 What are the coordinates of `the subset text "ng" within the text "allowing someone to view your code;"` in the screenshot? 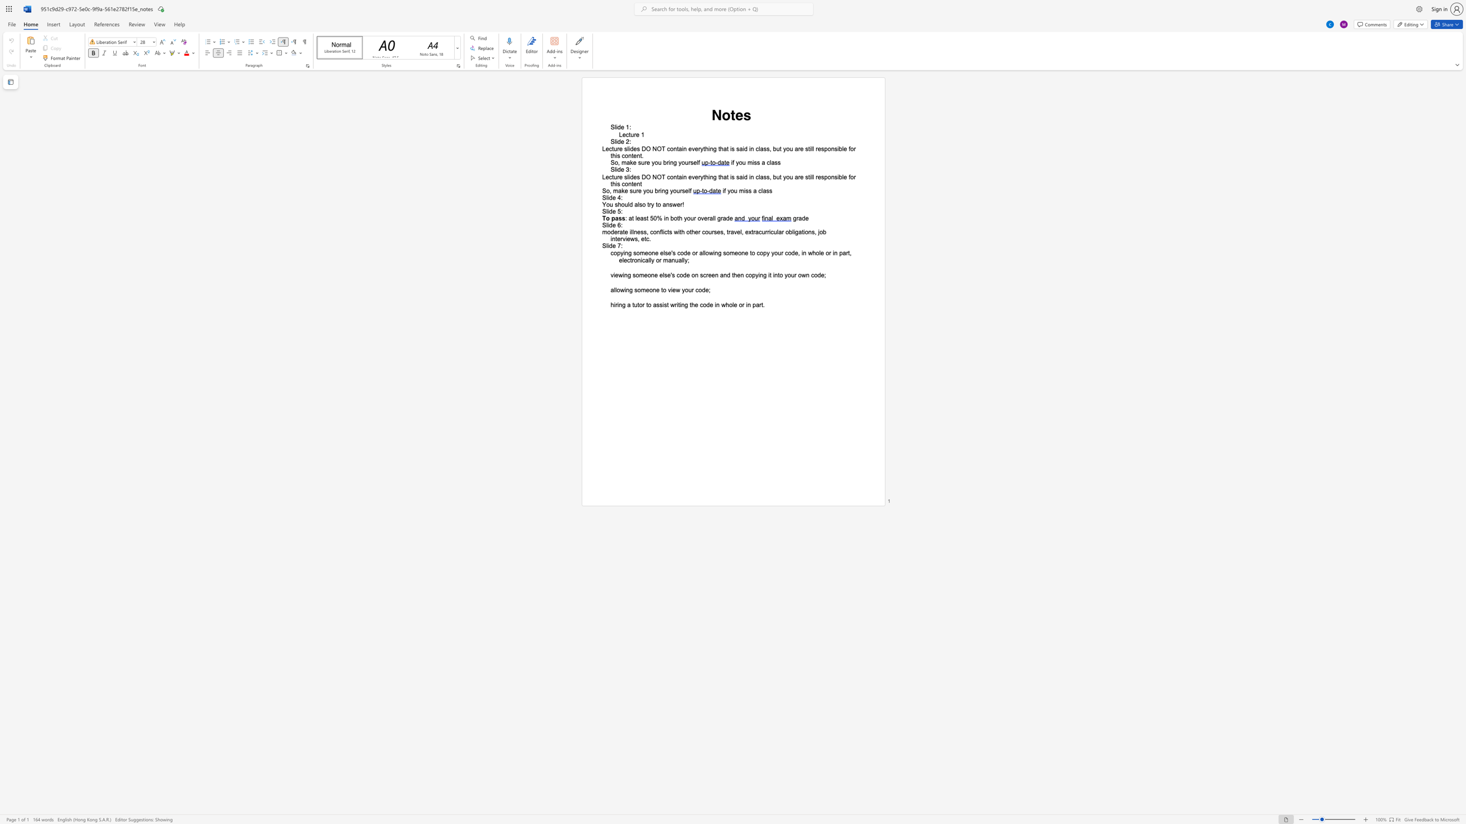 It's located at (625, 289).